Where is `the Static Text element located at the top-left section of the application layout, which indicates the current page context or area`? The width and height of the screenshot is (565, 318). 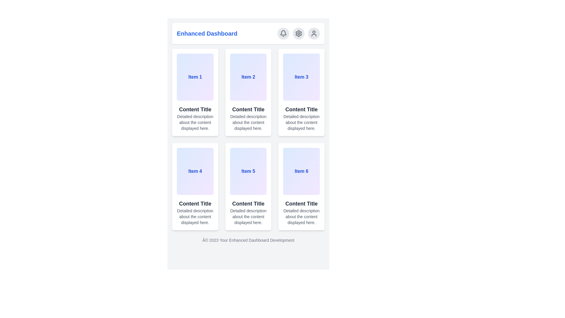 the Static Text element located at the top-left section of the application layout, which indicates the current page context or area is located at coordinates (207, 34).